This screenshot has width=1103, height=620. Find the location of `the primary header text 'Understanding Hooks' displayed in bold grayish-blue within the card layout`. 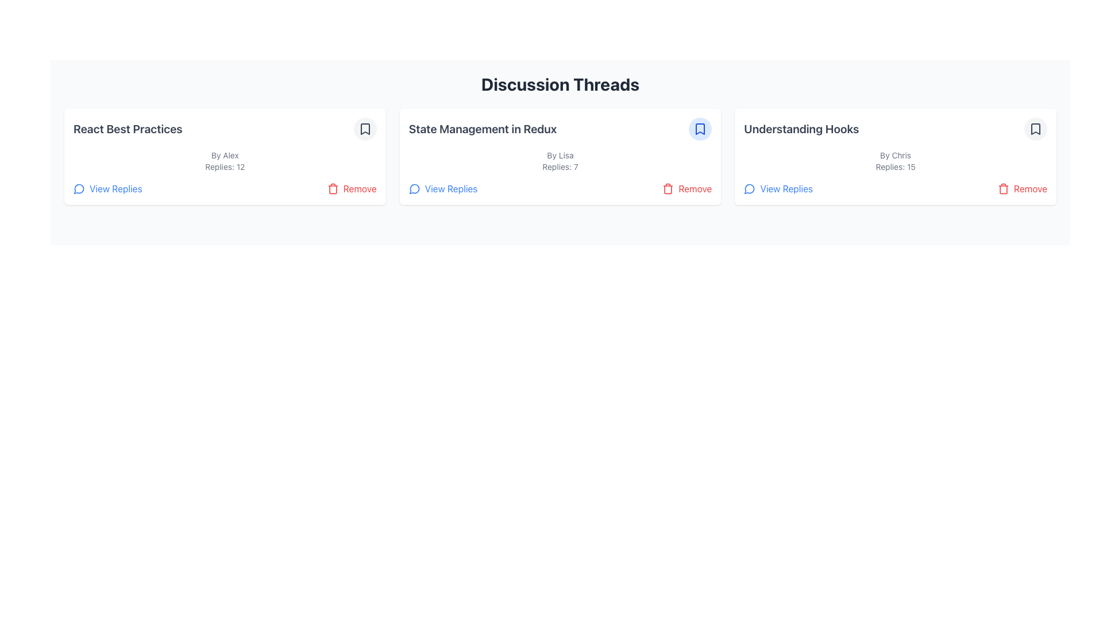

the primary header text 'Understanding Hooks' displayed in bold grayish-blue within the card layout is located at coordinates (801, 129).